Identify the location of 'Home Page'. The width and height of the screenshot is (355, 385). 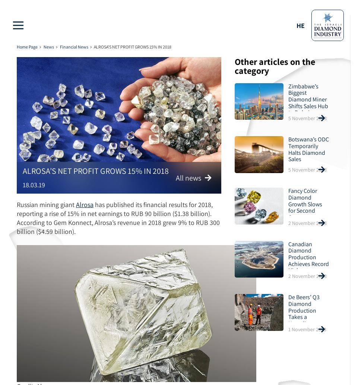
(26, 47).